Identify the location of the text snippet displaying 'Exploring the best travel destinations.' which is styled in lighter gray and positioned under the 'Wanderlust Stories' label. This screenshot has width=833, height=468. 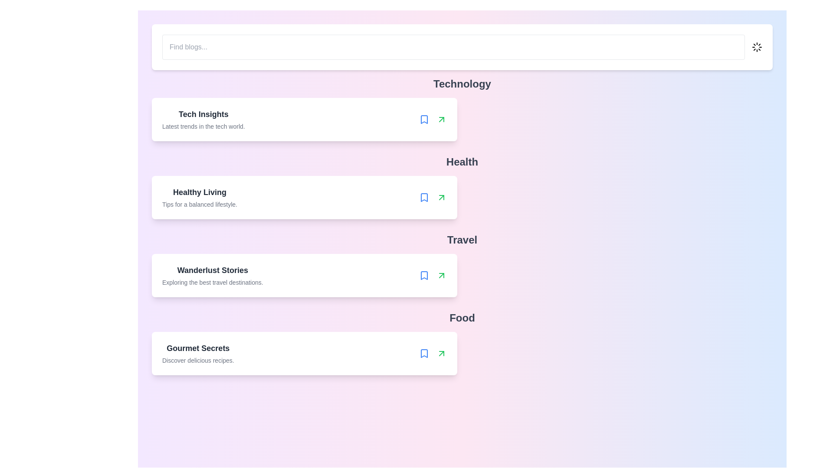
(213, 282).